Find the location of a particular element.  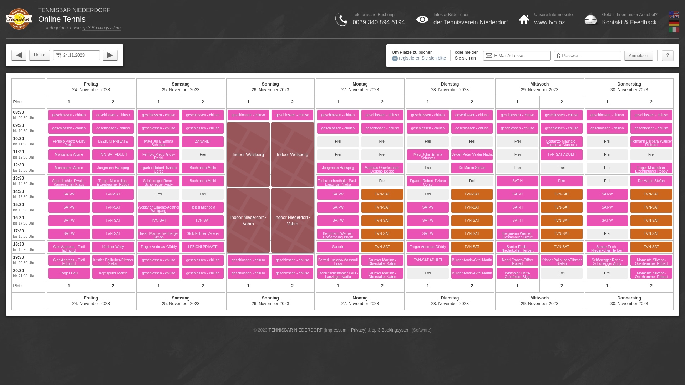

'Indoor Niederdorf - Vahrn' is located at coordinates (292, 233).